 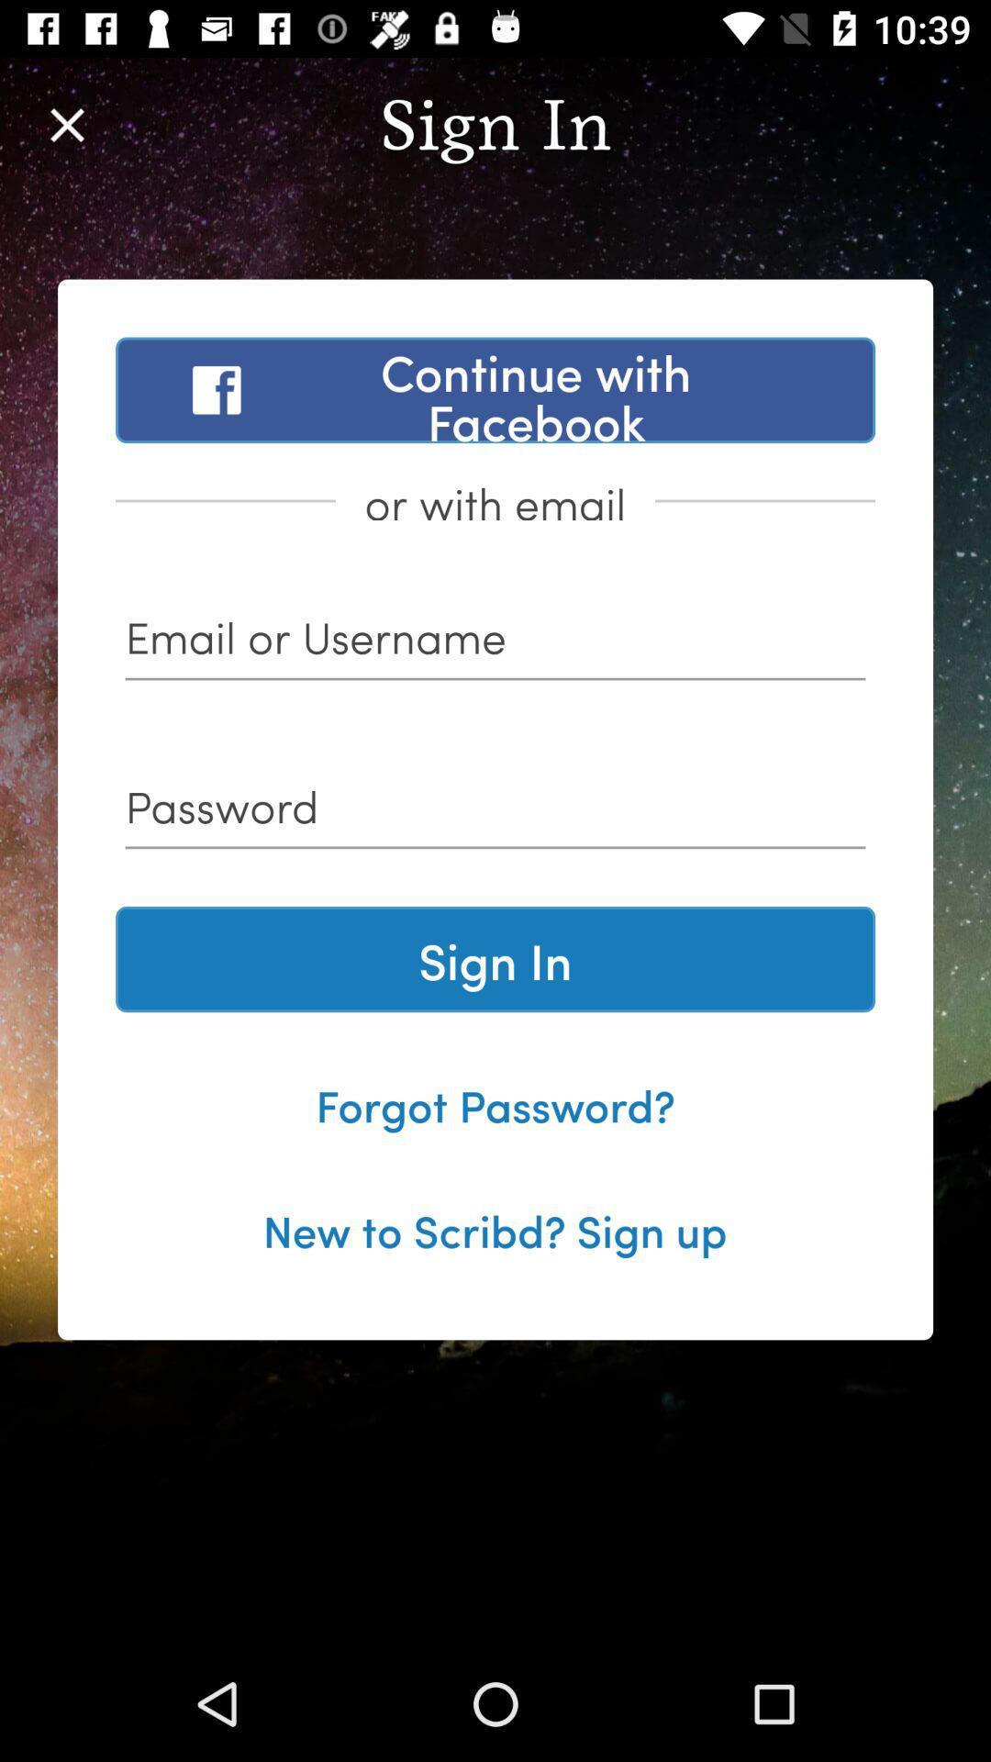 I want to click on the item above the sign in icon, so click(x=495, y=812).